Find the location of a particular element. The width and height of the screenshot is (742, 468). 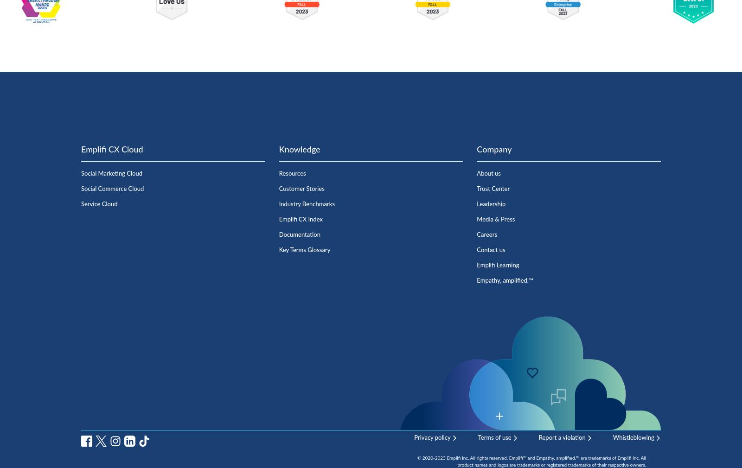

'Terms of use' is located at coordinates (478, 437).